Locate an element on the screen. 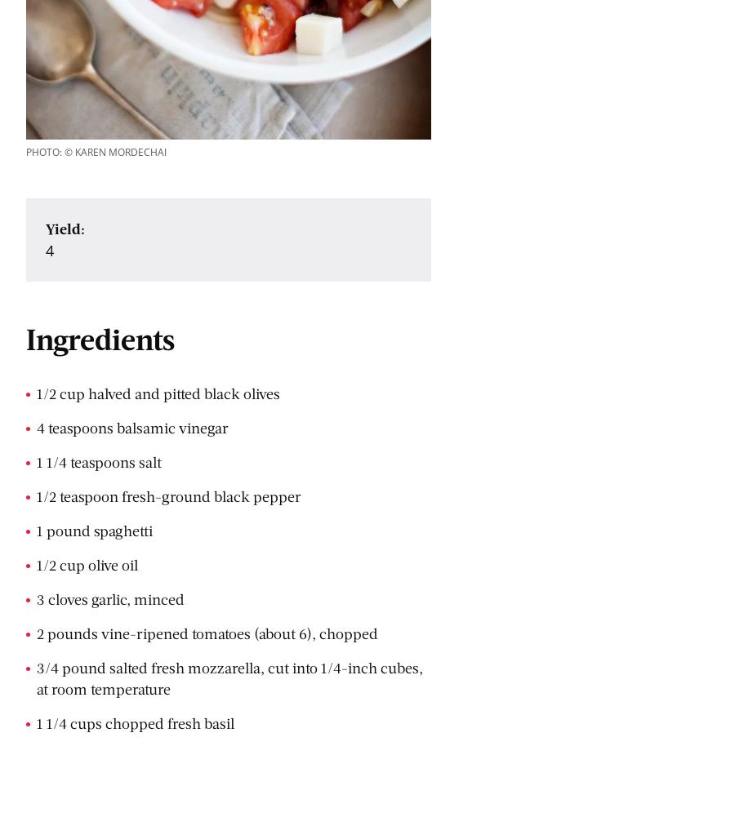 Image resolution: width=735 pixels, height=835 pixels. '3/4 pound salted fresh mozzarella, cut into 1/4-inch cubes, at room temperature' is located at coordinates (36, 677).